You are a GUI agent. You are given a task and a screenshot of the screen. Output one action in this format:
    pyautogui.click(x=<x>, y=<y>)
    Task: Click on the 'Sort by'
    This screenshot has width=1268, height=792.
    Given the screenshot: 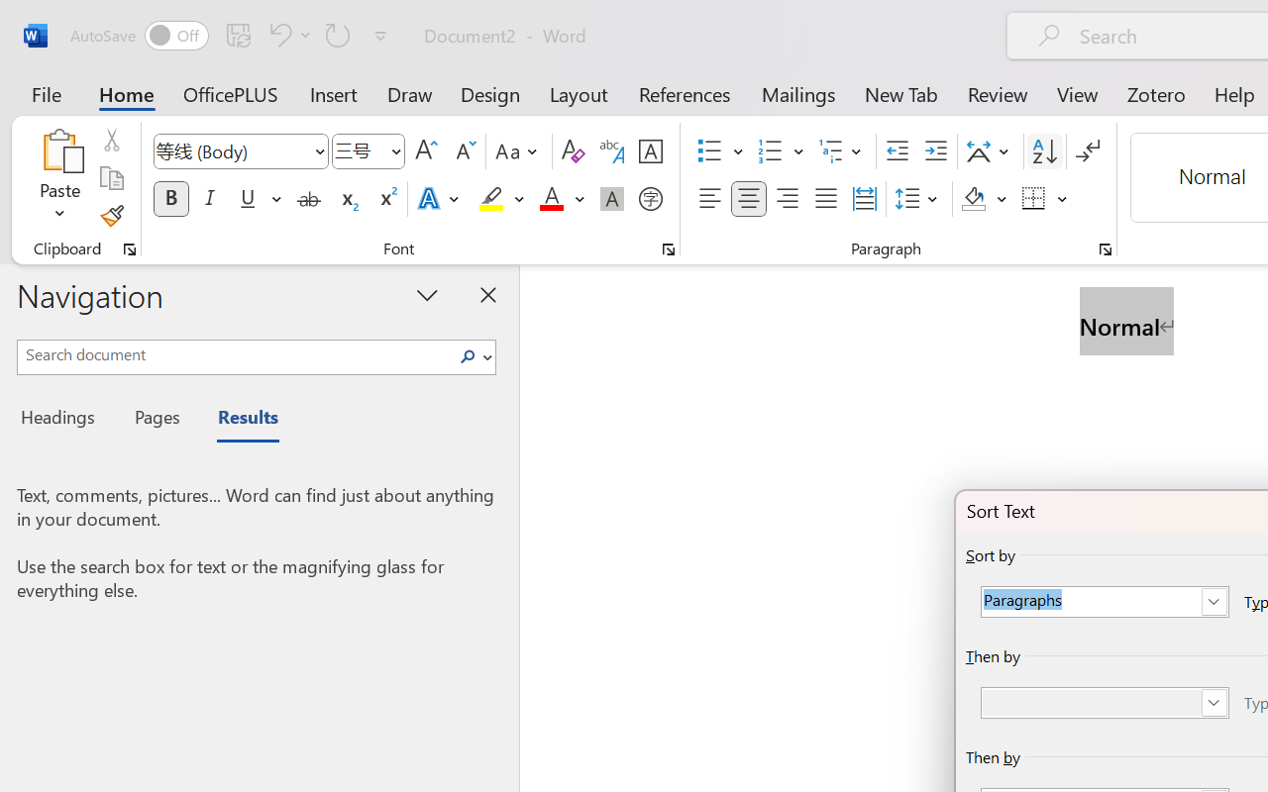 What is the action you would take?
    pyautogui.click(x=1104, y=602)
    